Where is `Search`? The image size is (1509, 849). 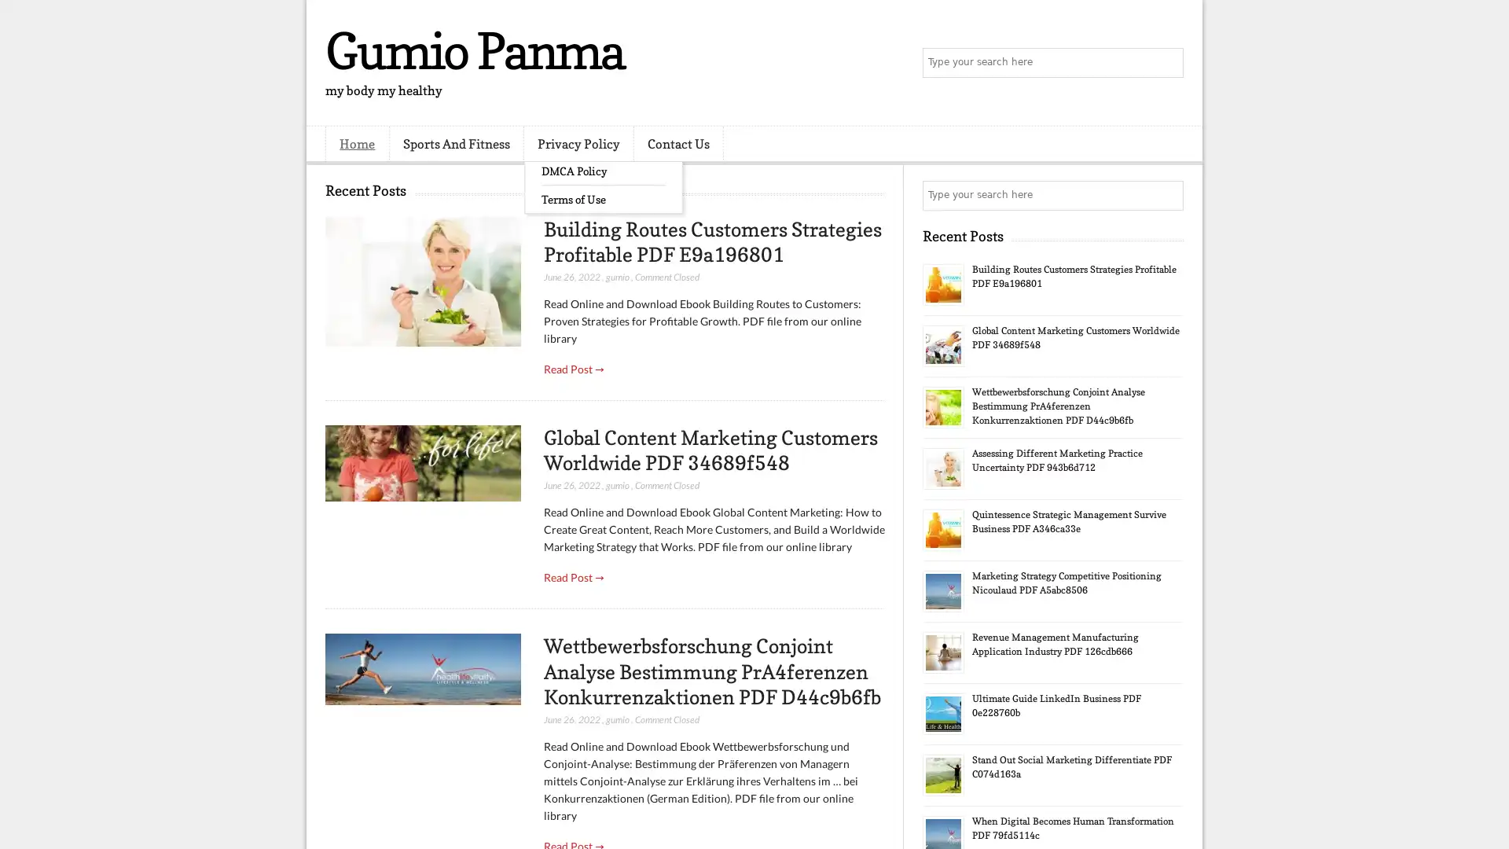
Search is located at coordinates (1167, 195).